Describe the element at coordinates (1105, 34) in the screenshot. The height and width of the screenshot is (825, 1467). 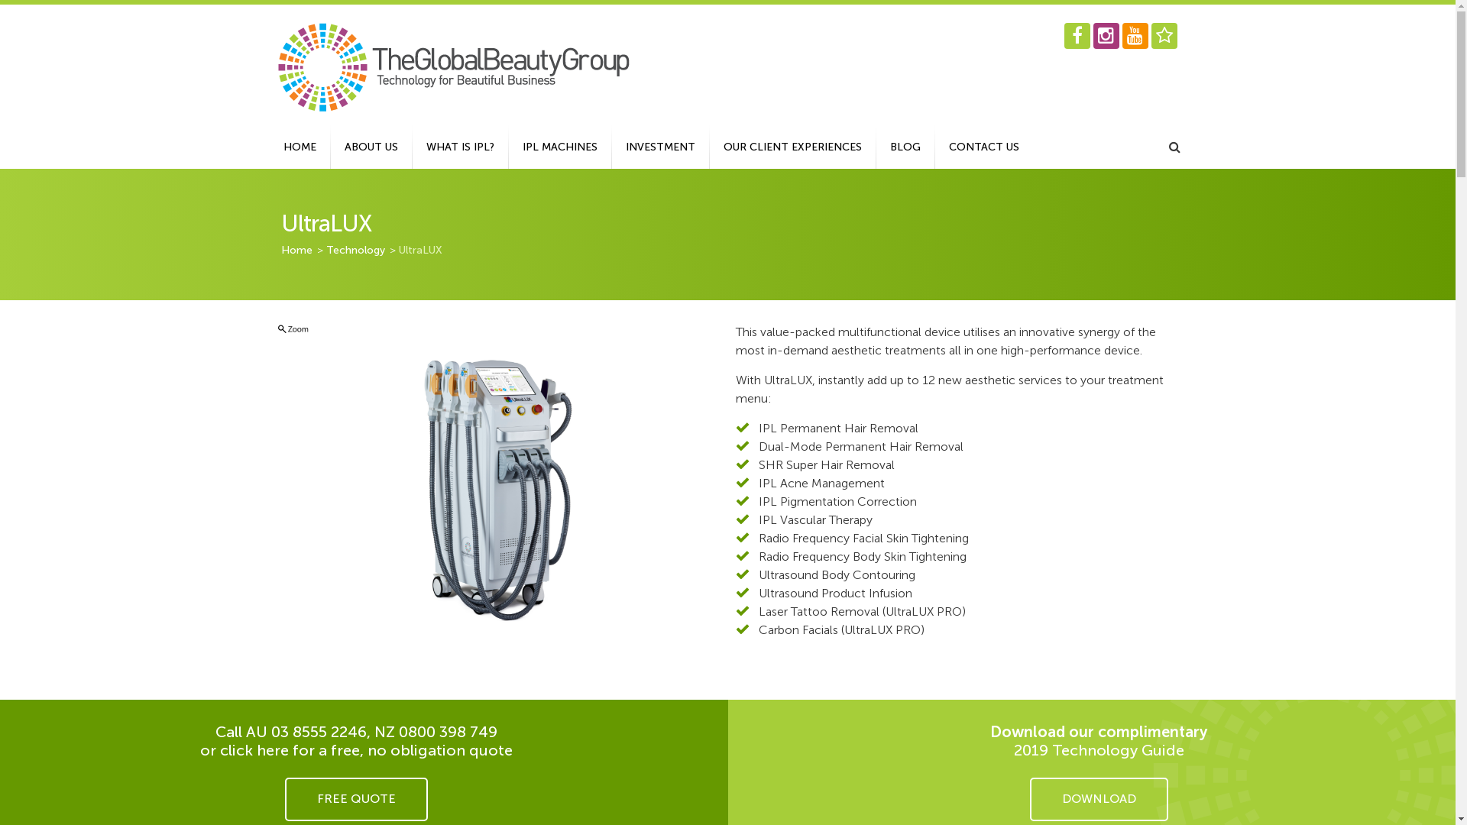
I see `'Instagram'` at that location.